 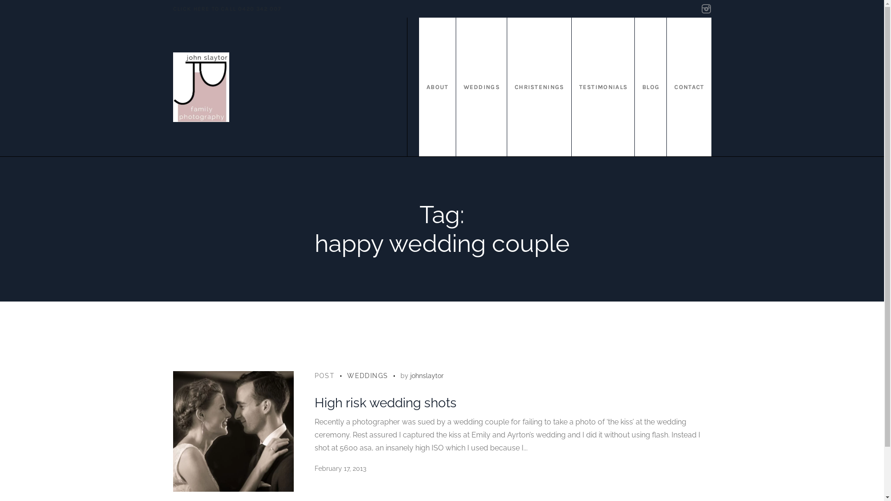 I want to click on 'CLICK HERE TO CALL 0420 342 007', so click(x=227, y=9).